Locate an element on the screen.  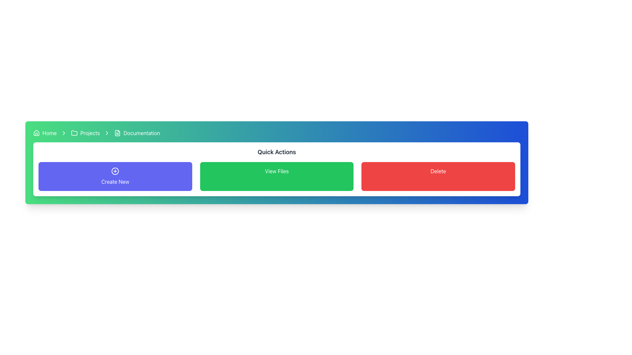
the 'Documentation' text label in the breadcrumb navigation, which is styled with a white font on a gradient green and blue background and is the last item in the breadcrumb is located at coordinates (141, 133).